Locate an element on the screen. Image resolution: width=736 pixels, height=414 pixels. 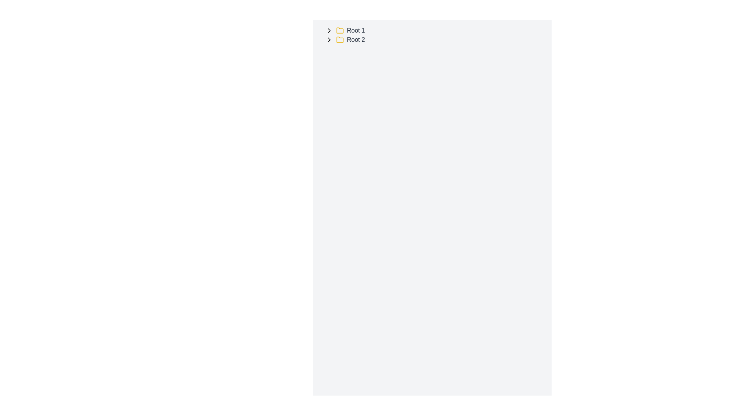
the yellow folder icon located under 'Root 2', which is the second icon is located at coordinates (340, 39).